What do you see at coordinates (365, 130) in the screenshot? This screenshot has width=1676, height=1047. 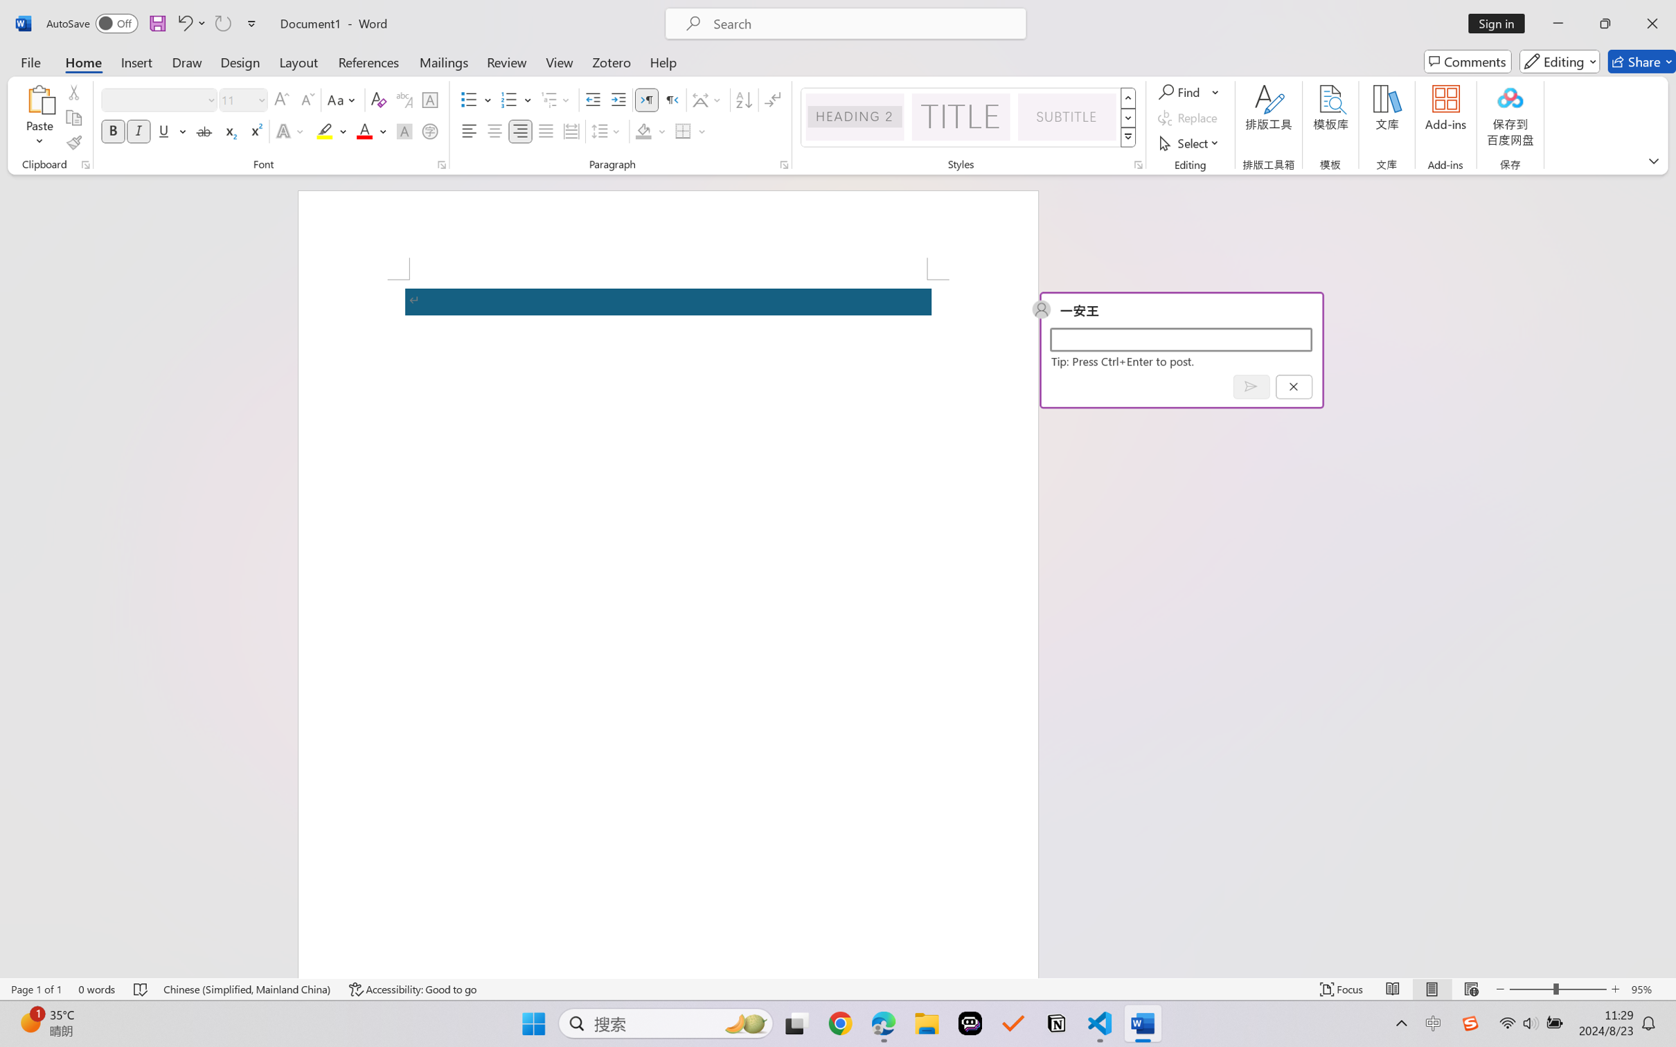 I see `'Font Color RGB(255, 0, 0)'` at bounding box center [365, 130].